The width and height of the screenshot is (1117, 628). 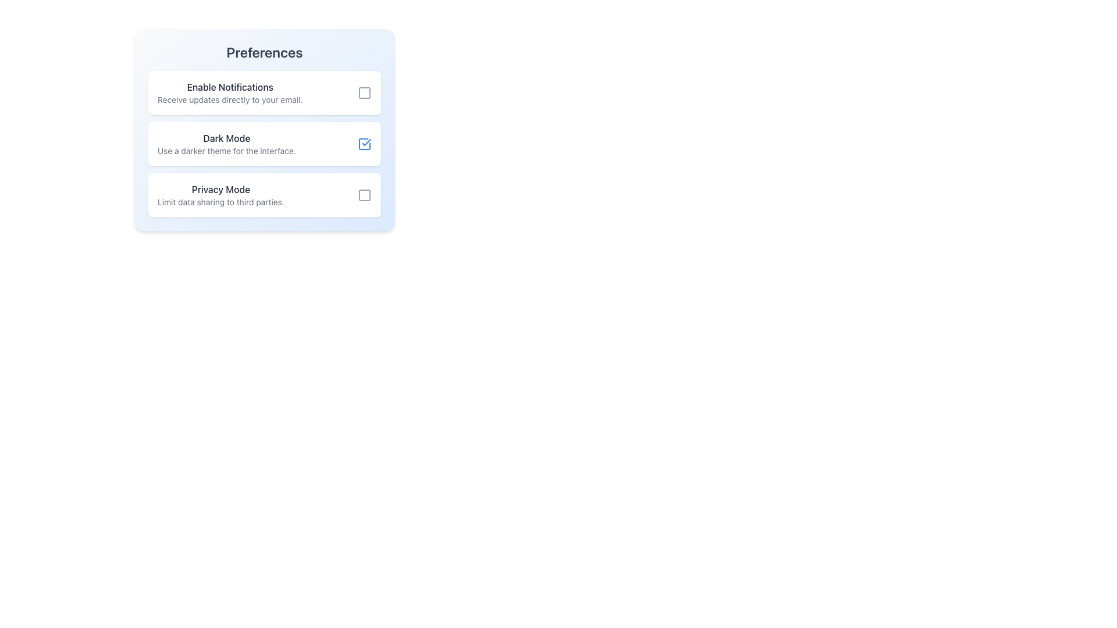 What do you see at coordinates (220, 189) in the screenshot?
I see `the 'Privacy Mode' text label, which is the title for the preference setting located in the upper portion of the row labeled 'Privacy ModeLimit data sharing to third parties.'` at bounding box center [220, 189].